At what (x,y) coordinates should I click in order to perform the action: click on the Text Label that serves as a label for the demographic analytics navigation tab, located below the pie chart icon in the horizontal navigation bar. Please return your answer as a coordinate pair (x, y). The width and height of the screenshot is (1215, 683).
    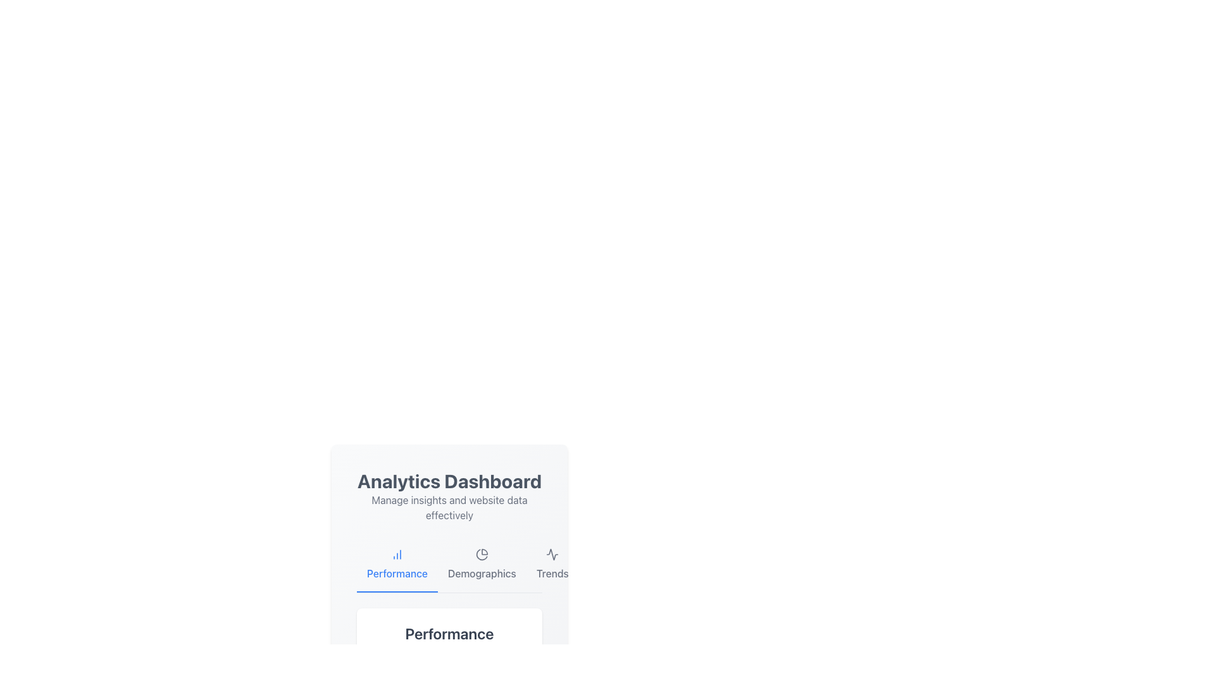
    Looking at the image, I should click on (481, 573).